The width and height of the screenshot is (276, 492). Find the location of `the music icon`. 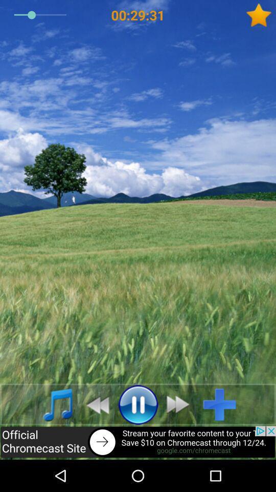

the music icon is located at coordinates (52, 404).